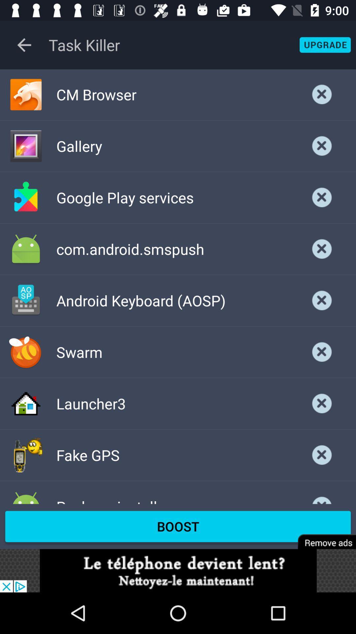  I want to click on app, so click(322, 300).